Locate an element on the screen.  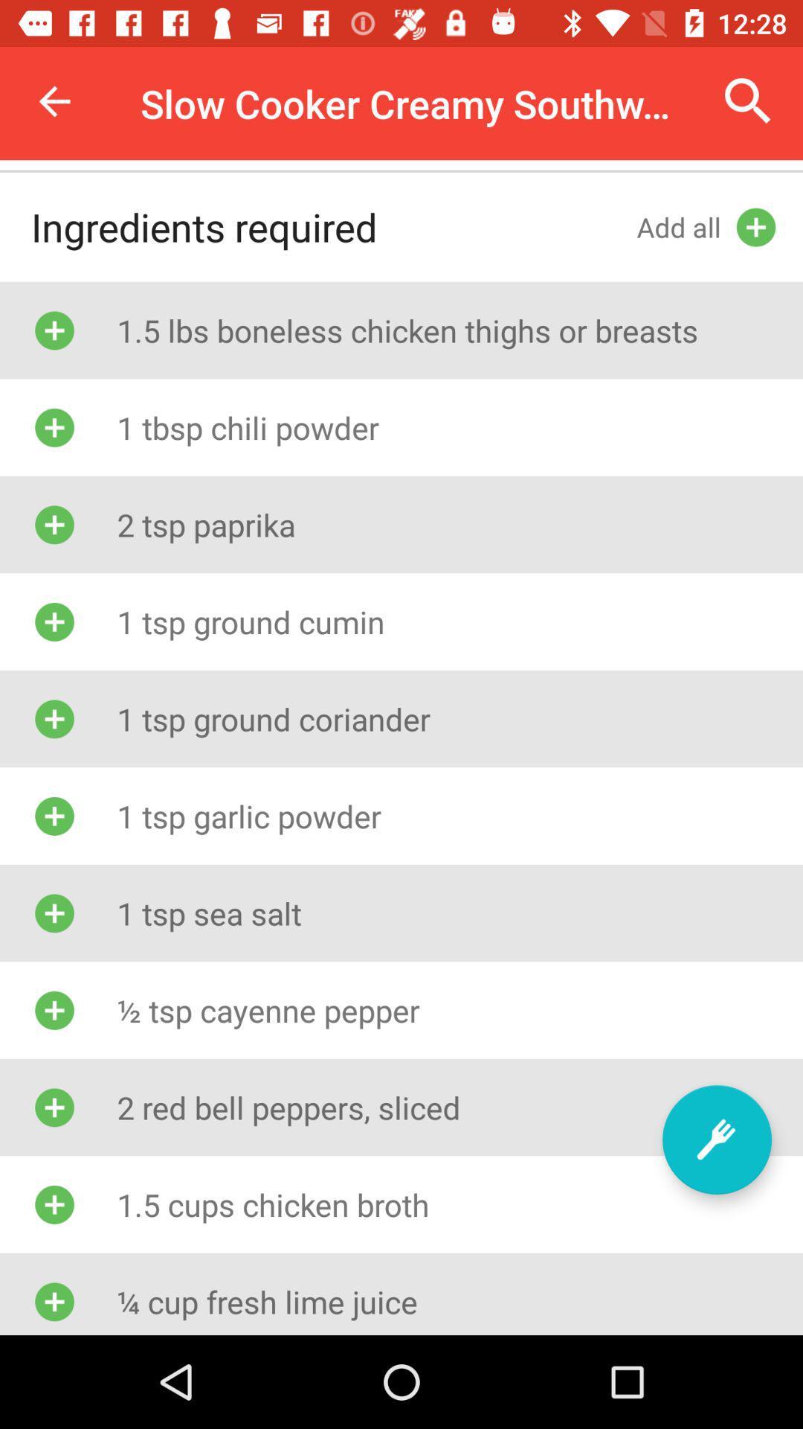
more recipe options is located at coordinates (716, 1139).